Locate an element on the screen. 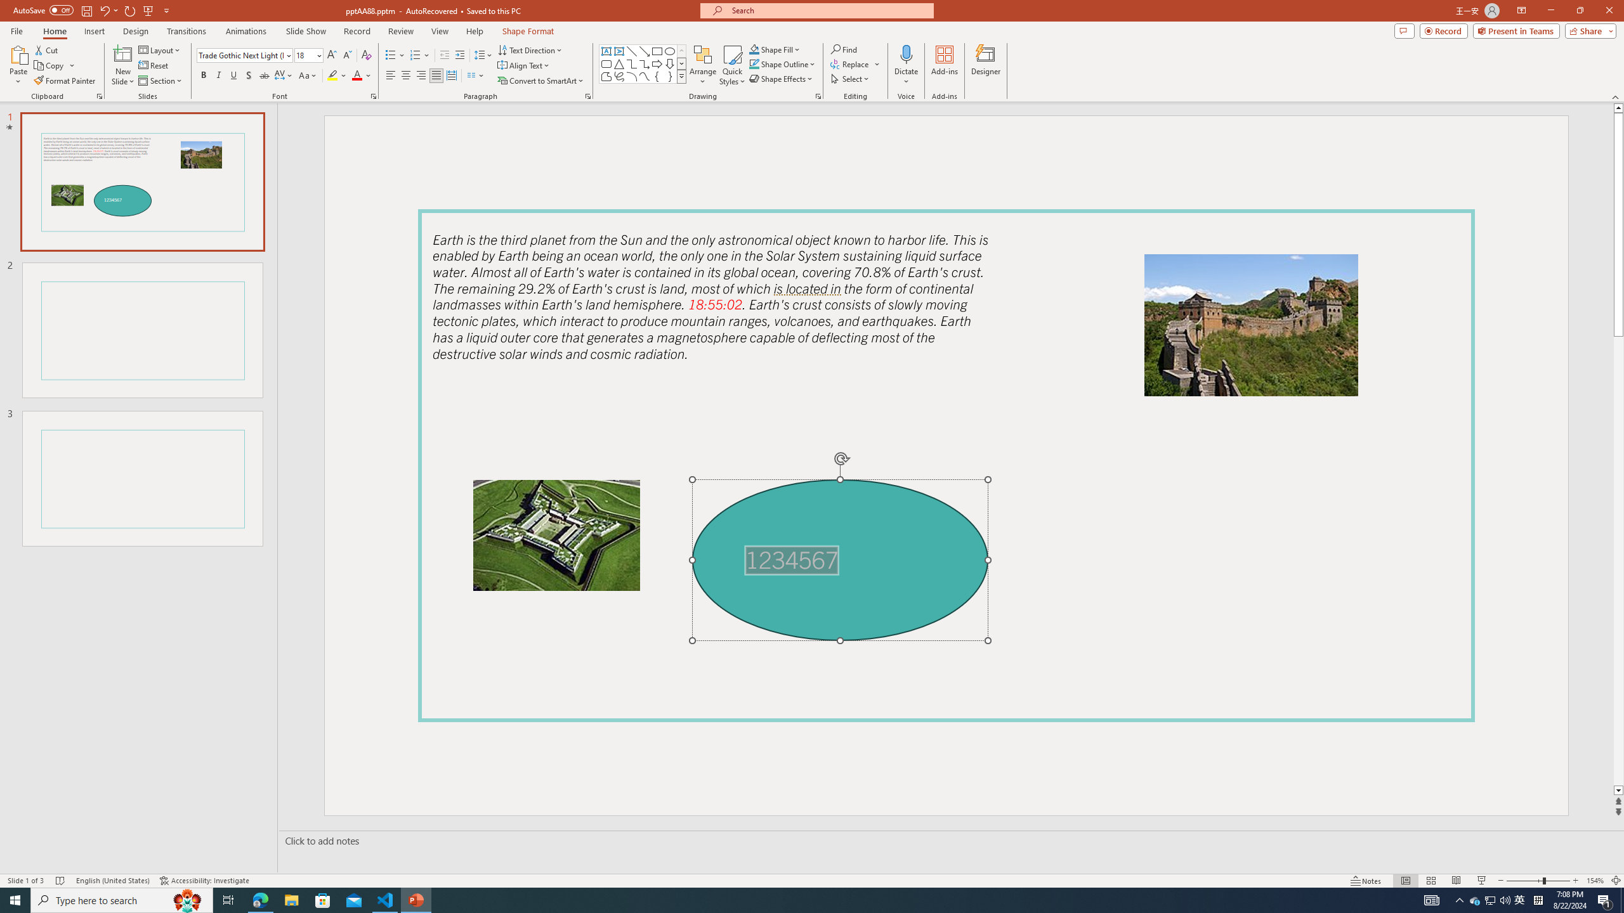 The height and width of the screenshot is (913, 1624). 'Zoom 154%' is located at coordinates (1595, 881).